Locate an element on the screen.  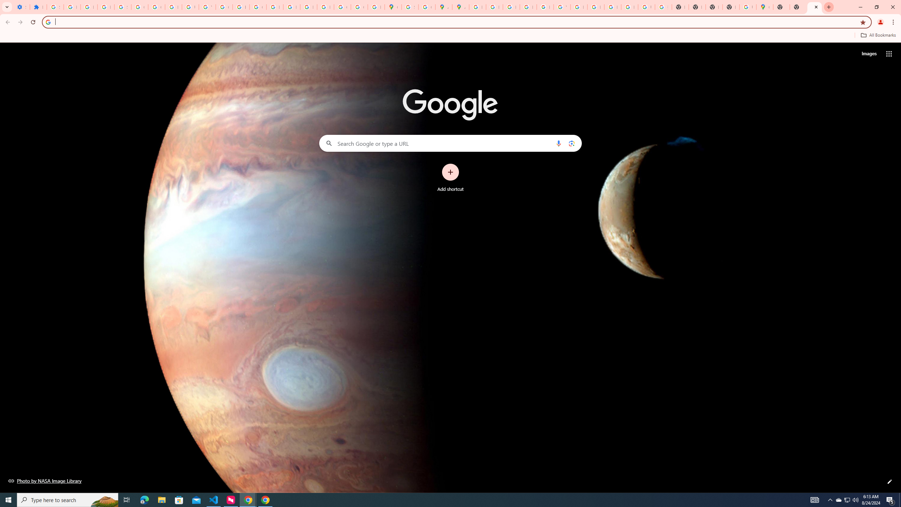
'Customize this page' is located at coordinates (889, 481).